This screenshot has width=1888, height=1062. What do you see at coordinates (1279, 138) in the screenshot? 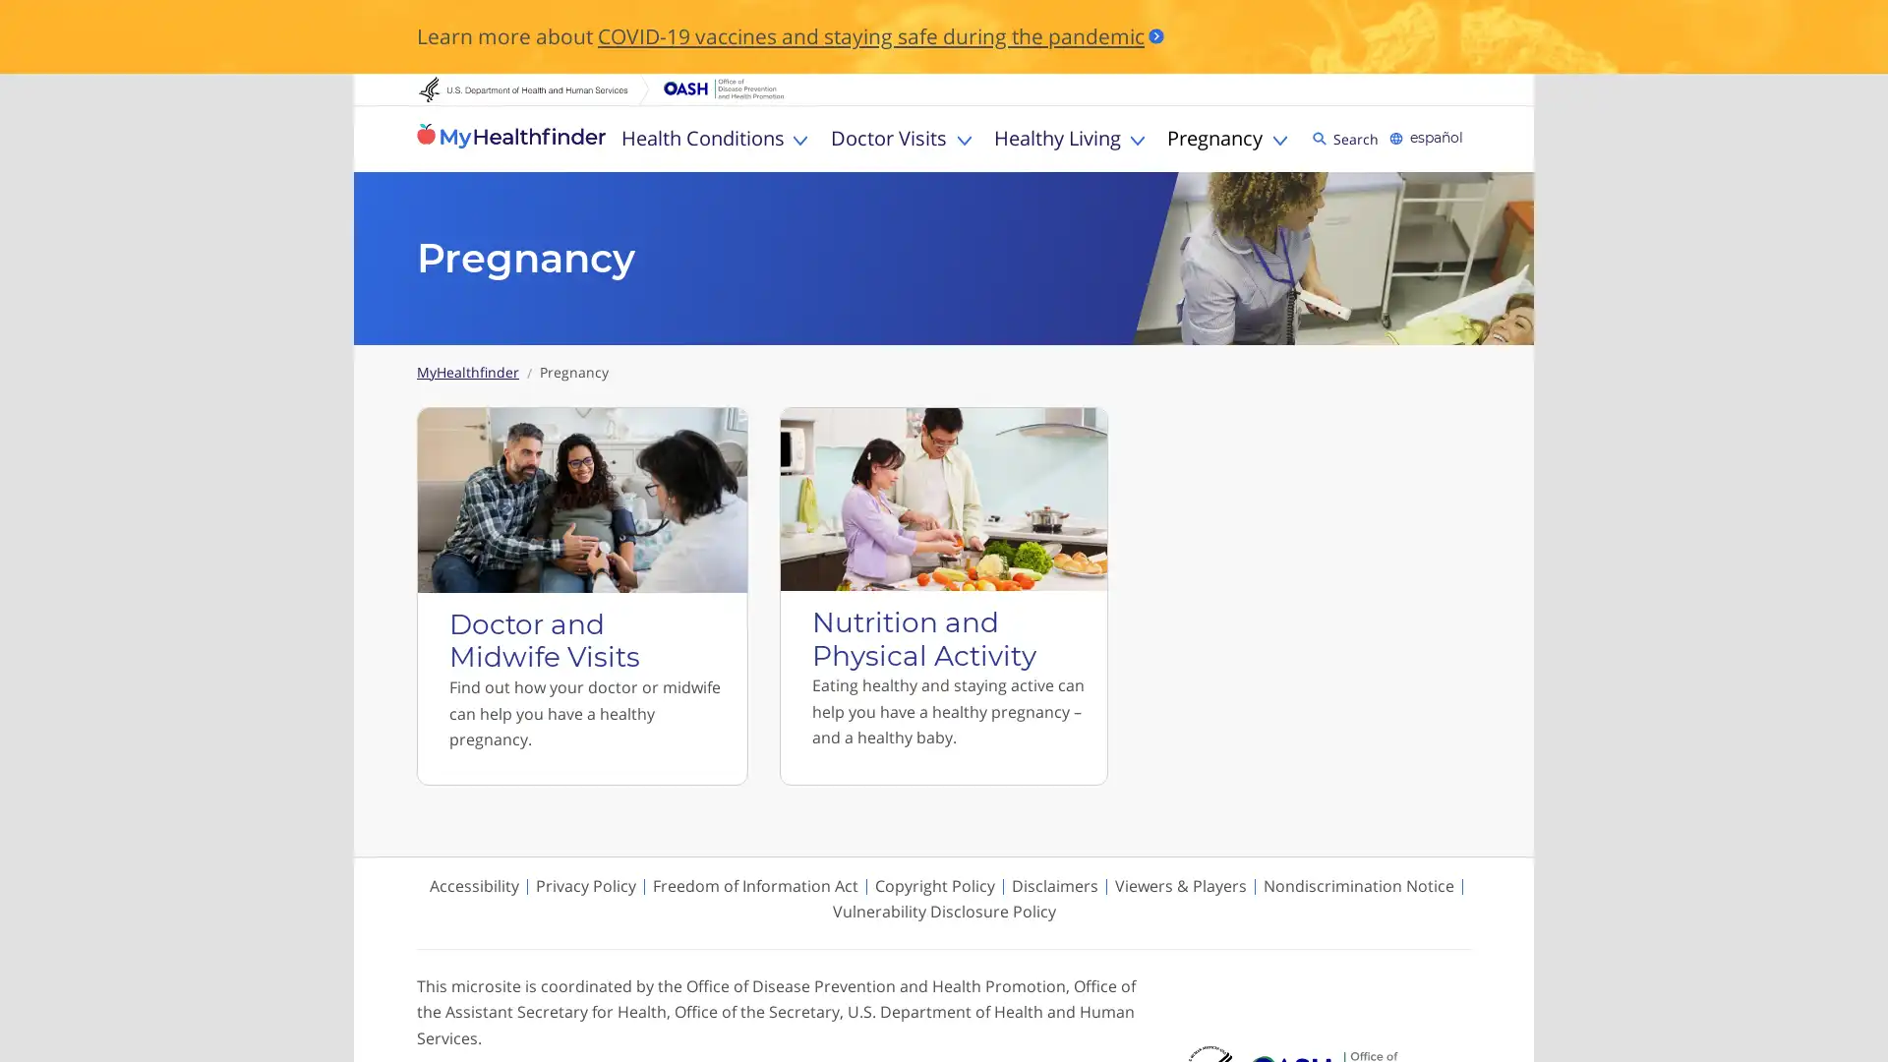
I see `Toggle Pregnancy sub menu` at bounding box center [1279, 138].